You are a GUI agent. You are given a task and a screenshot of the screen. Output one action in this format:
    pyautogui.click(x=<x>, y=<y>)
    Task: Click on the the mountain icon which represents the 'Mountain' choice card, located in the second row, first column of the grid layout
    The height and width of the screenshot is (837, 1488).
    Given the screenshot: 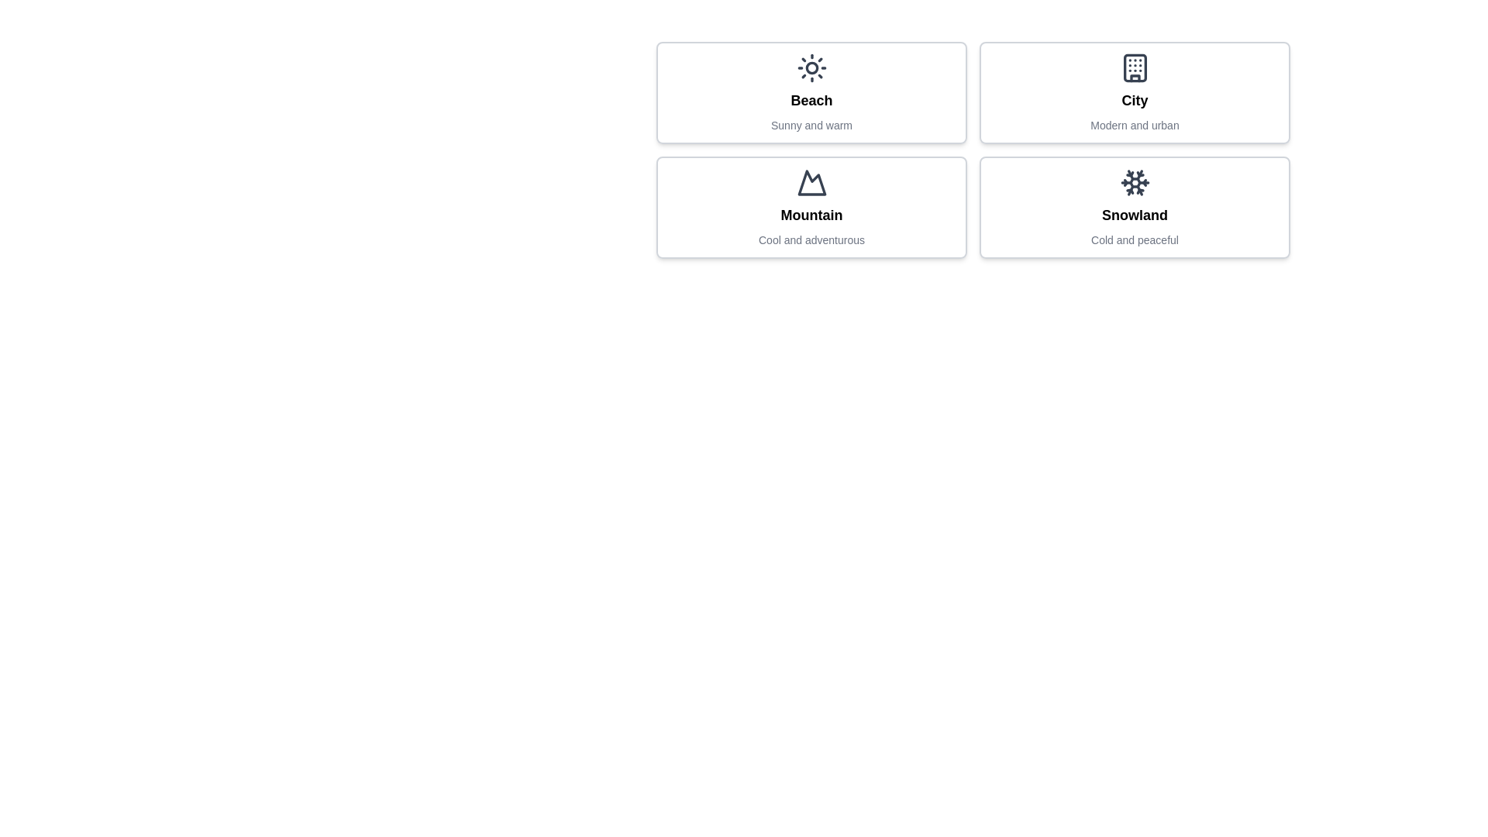 What is the action you would take?
    pyautogui.click(x=811, y=181)
    